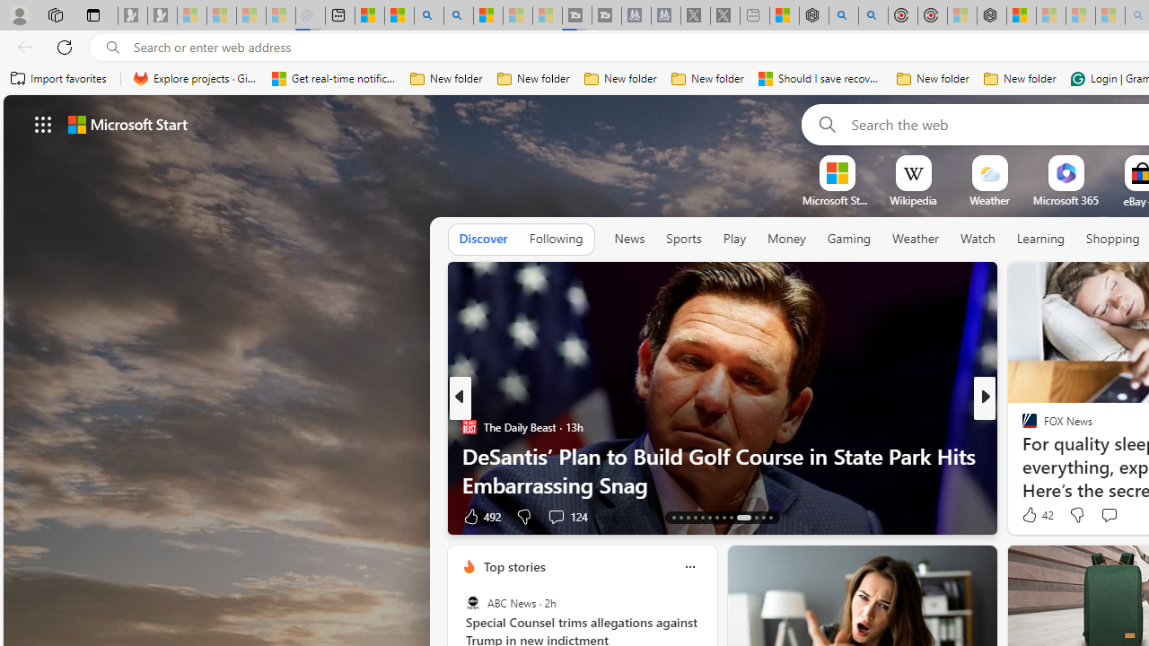 This screenshot has width=1149, height=646. I want to click on 'Should I save recovered Word documents? - Microsoft Support', so click(819, 78).